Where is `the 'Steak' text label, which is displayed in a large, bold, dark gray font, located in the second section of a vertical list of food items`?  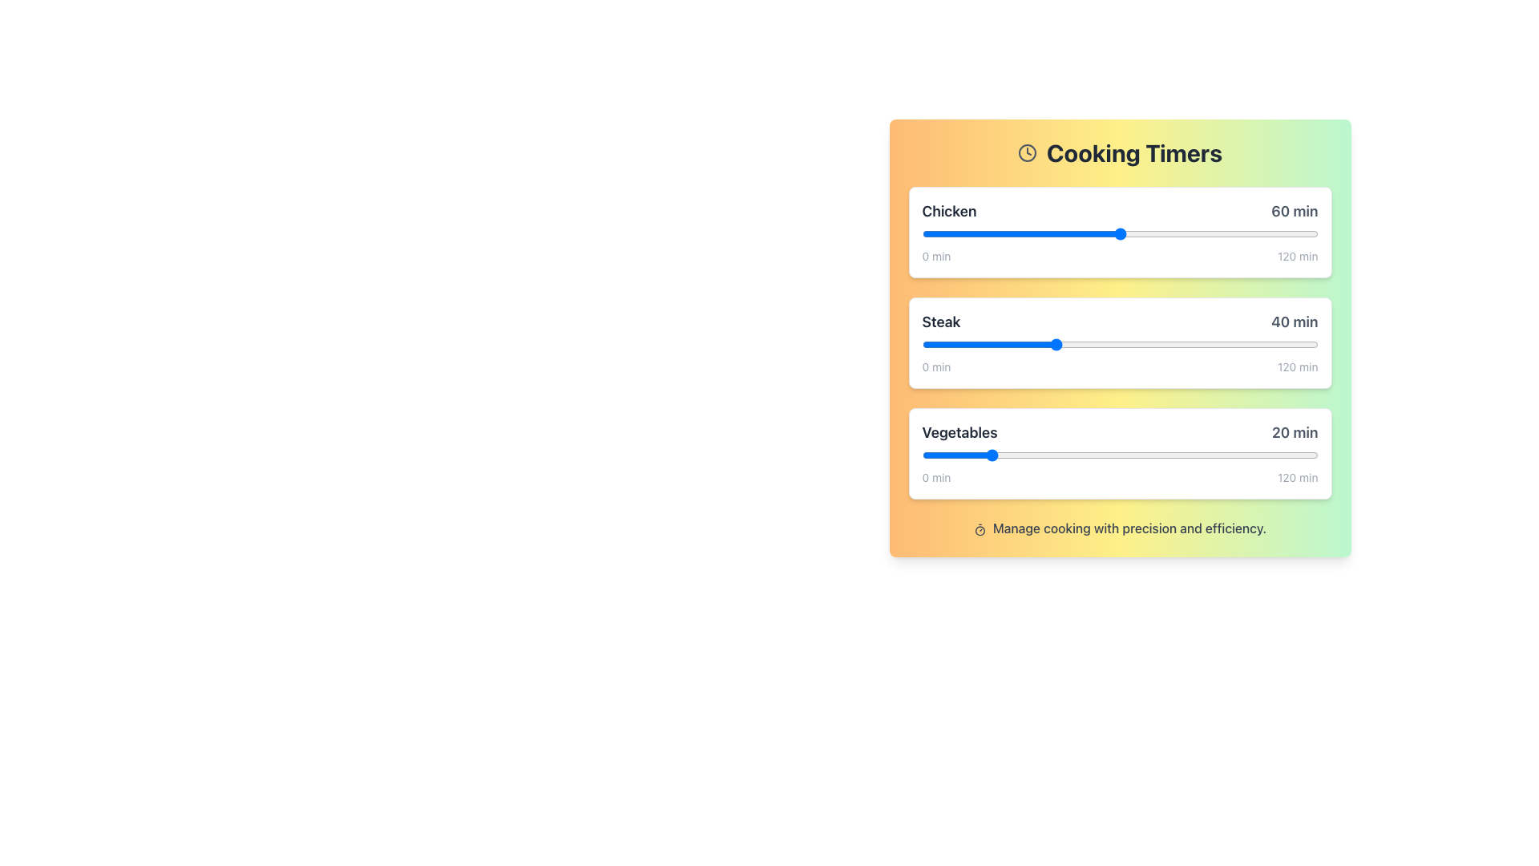
the 'Steak' text label, which is displayed in a large, bold, dark gray font, located in the second section of a vertical list of food items is located at coordinates (941, 322).